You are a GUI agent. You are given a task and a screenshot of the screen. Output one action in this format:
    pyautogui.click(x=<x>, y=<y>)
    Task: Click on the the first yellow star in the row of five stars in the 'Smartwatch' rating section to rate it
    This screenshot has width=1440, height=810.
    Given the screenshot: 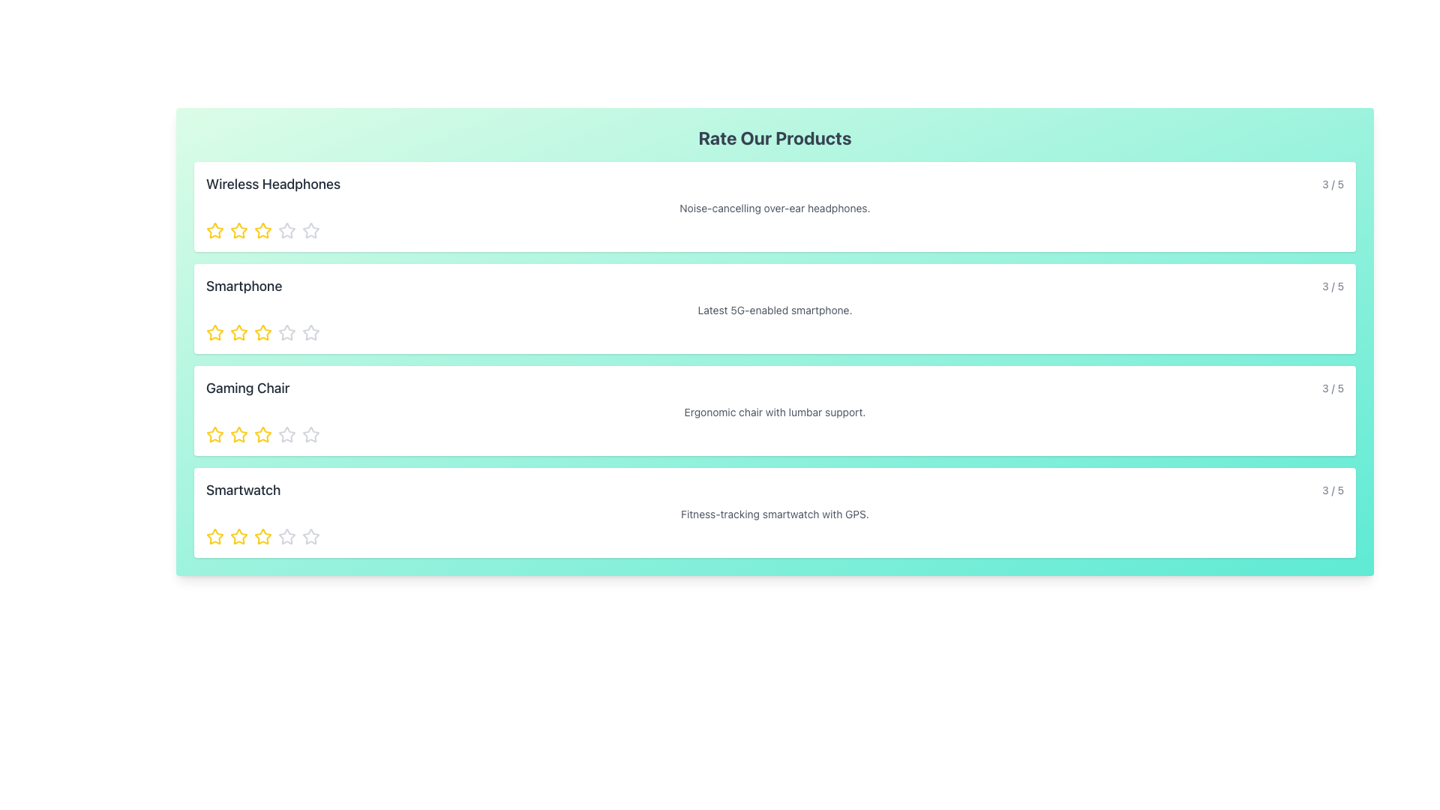 What is the action you would take?
    pyautogui.click(x=214, y=535)
    